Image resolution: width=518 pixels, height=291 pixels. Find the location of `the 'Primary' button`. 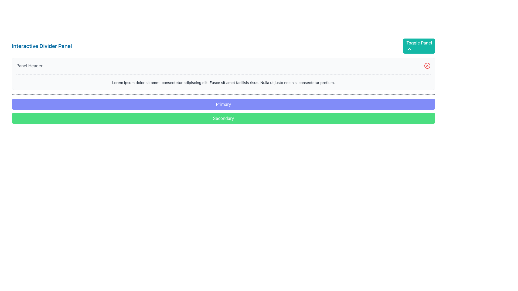

the 'Primary' button is located at coordinates (223, 104).